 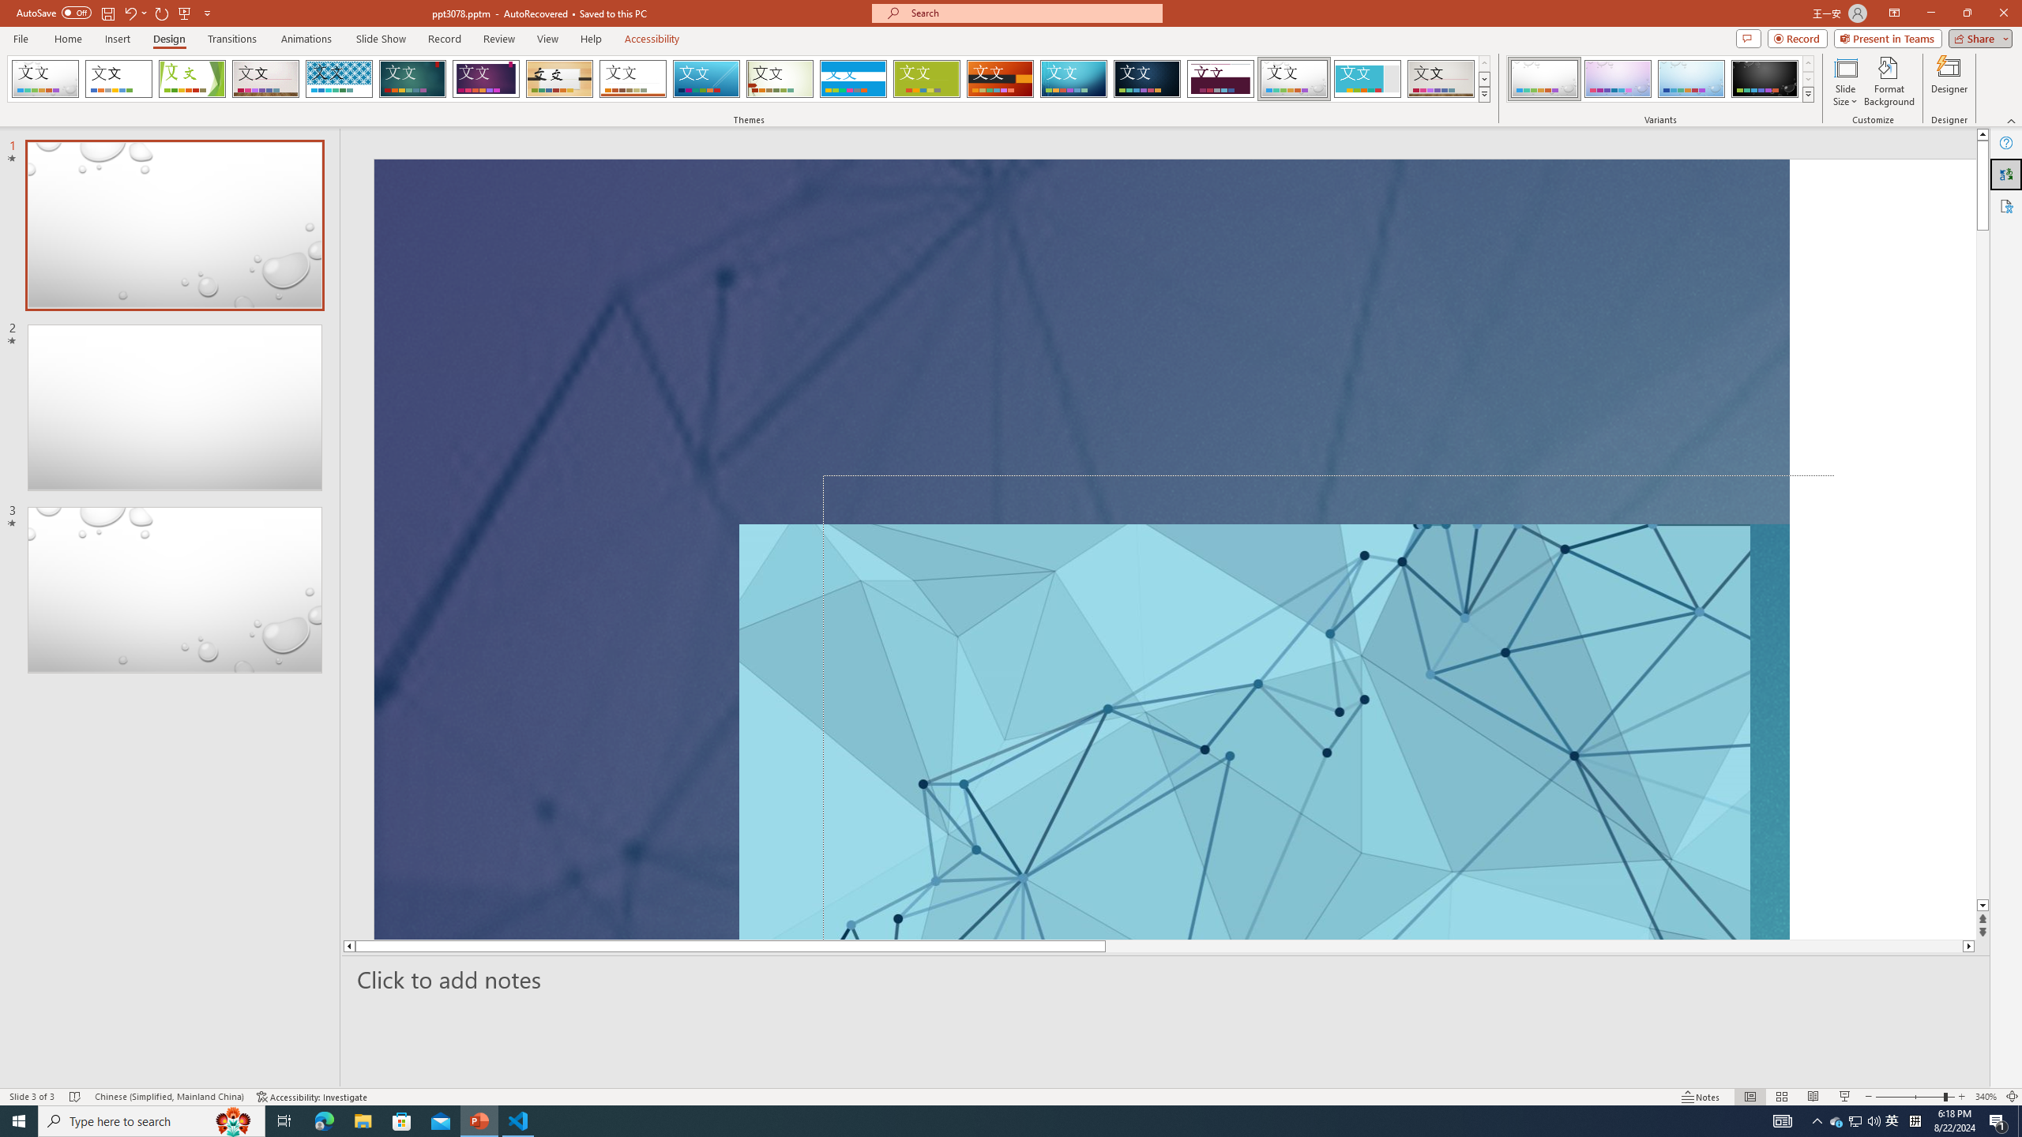 What do you see at coordinates (853, 78) in the screenshot?
I see `'Banded'` at bounding box center [853, 78].